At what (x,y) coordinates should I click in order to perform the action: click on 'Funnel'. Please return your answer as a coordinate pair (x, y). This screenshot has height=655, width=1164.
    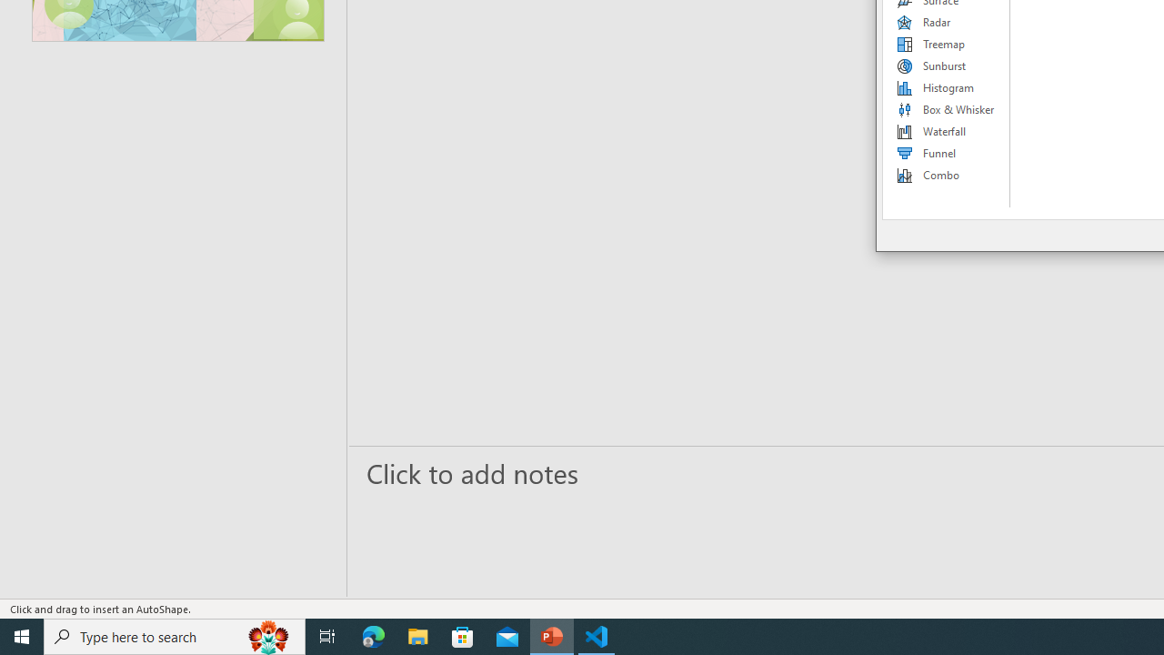
    Looking at the image, I should click on (946, 152).